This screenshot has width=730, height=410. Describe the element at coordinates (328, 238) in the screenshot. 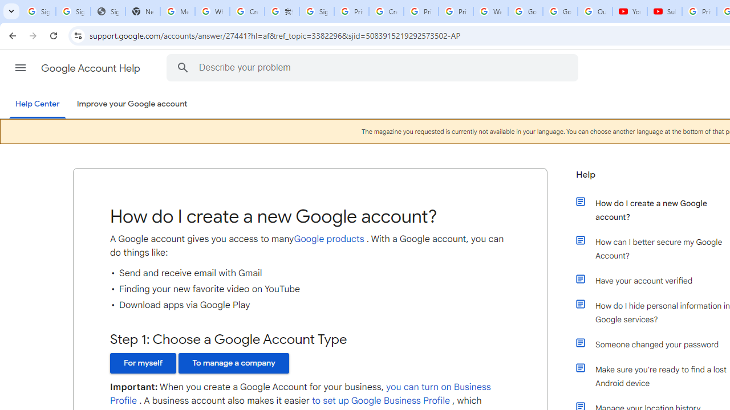

I see `'Google products'` at that location.